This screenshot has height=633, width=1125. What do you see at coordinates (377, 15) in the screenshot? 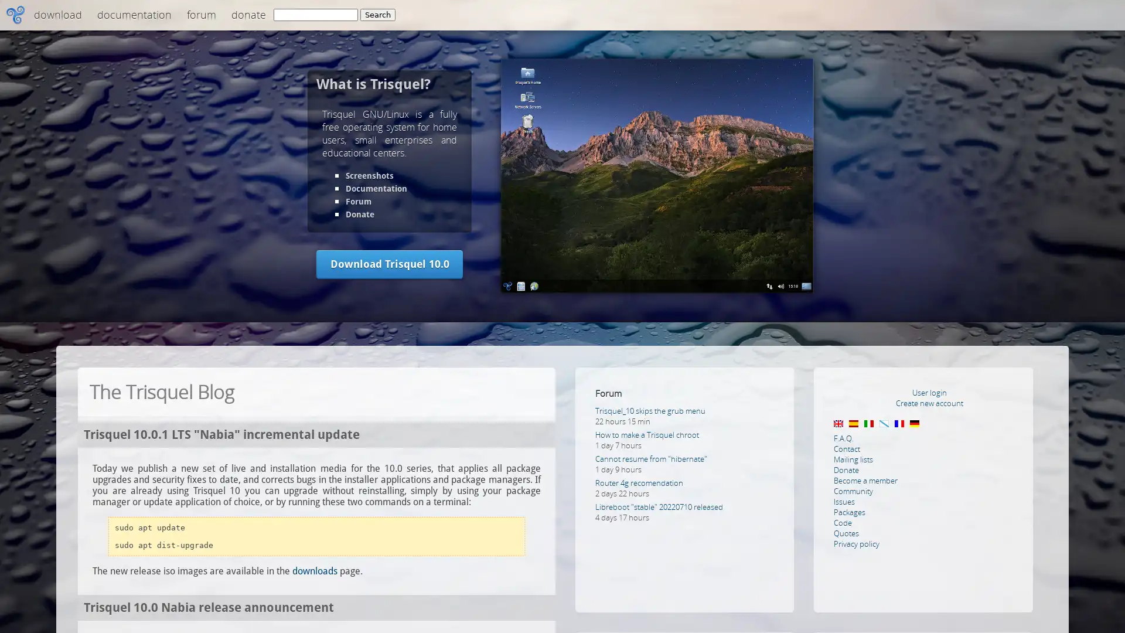
I see `Search` at bounding box center [377, 15].